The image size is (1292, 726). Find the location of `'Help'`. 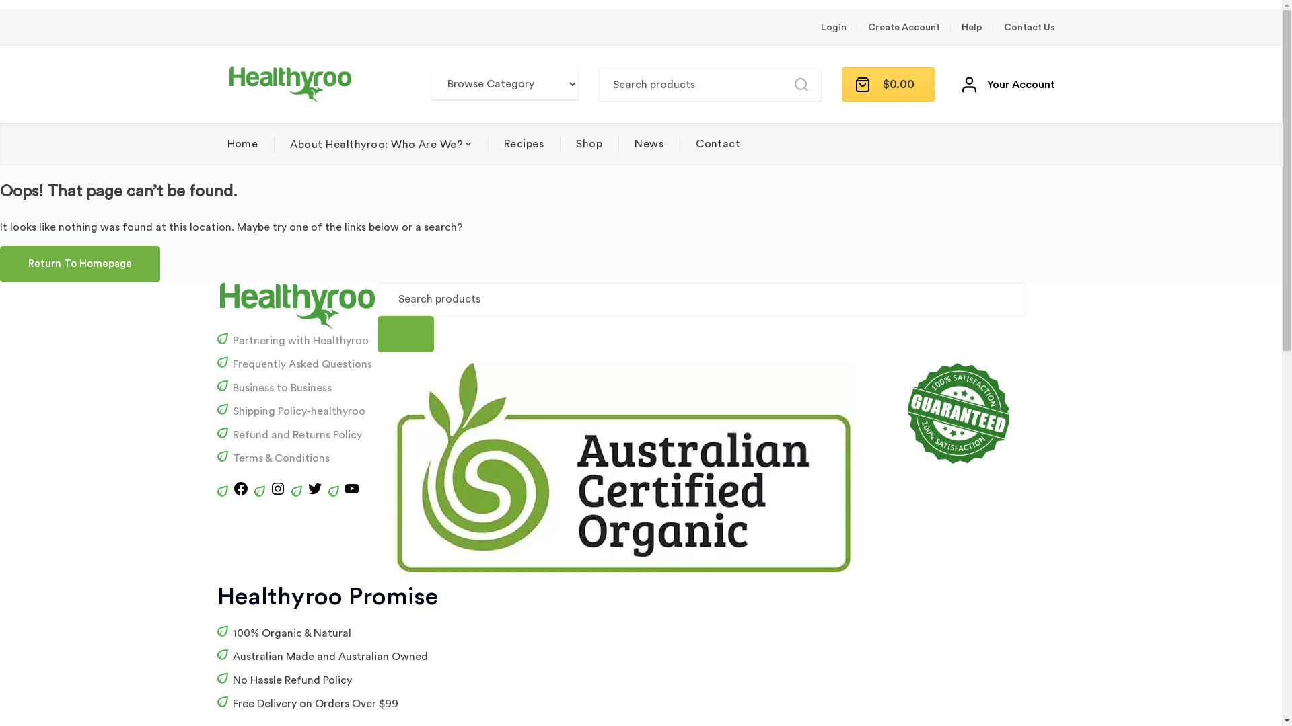

'Help' is located at coordinates (971, 28).